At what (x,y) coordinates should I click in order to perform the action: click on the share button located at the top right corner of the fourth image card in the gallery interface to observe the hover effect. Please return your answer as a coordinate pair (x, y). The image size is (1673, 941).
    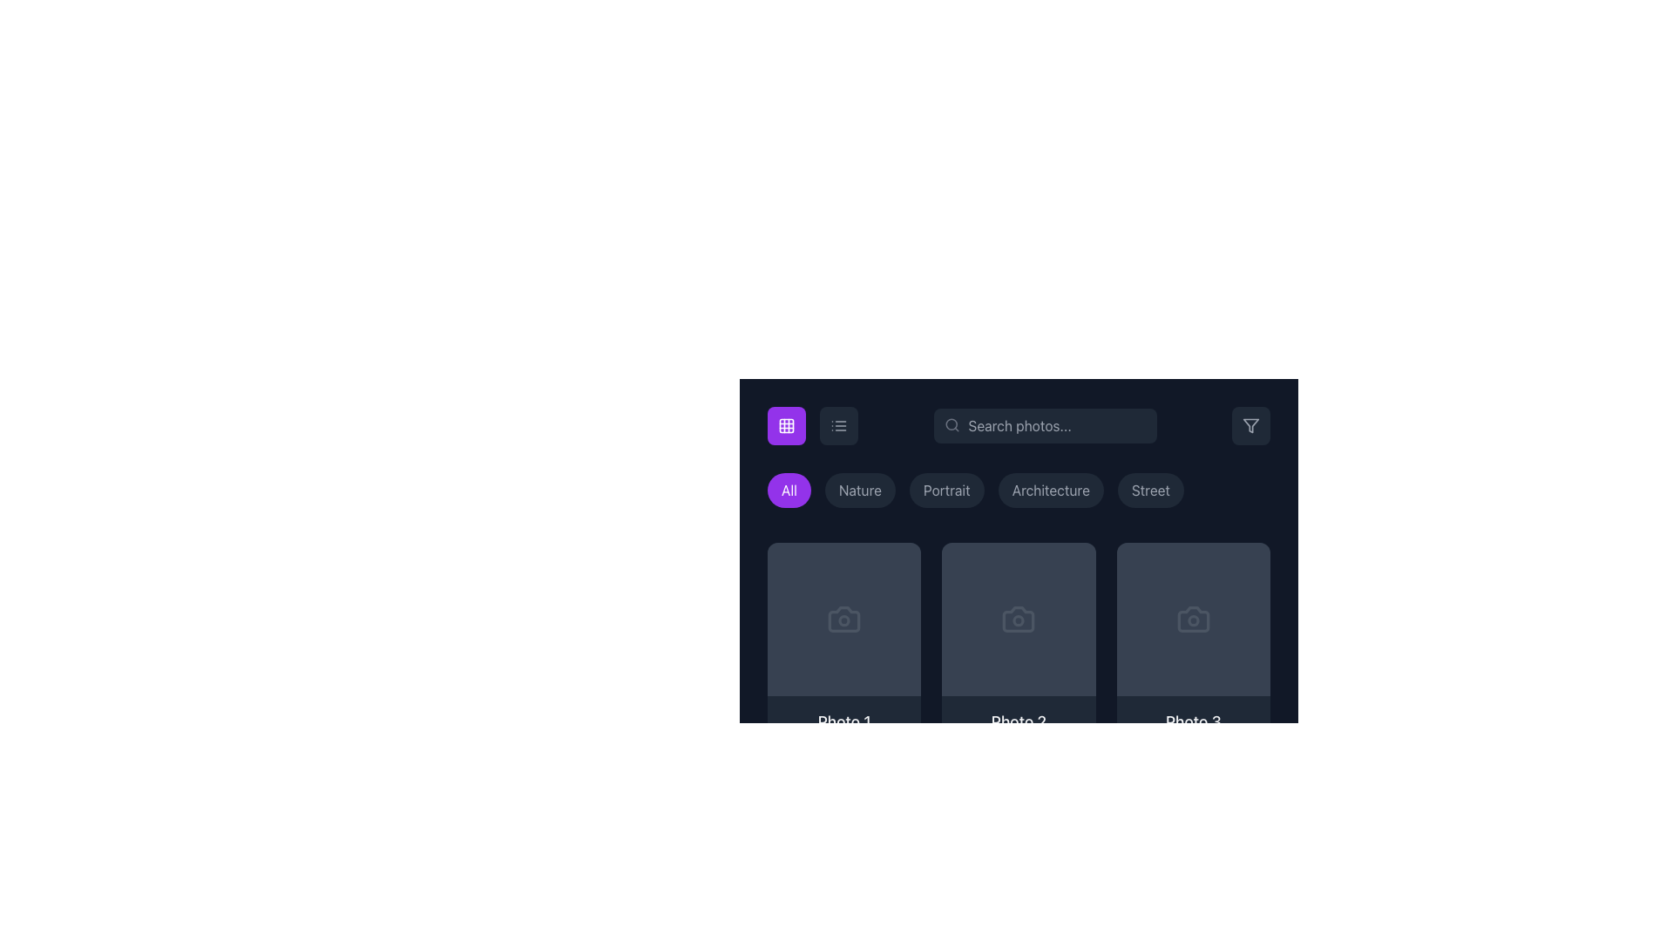
    Looking at the image, I should click on (1237, 619).